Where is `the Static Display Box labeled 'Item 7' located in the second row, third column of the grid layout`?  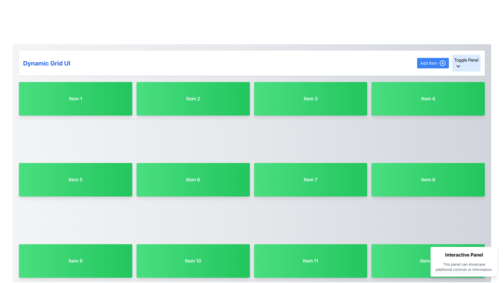 the Static Display Box labeled 'Item 7' located in the second row, third column of the grid layout is located at coordinates (311, 179).